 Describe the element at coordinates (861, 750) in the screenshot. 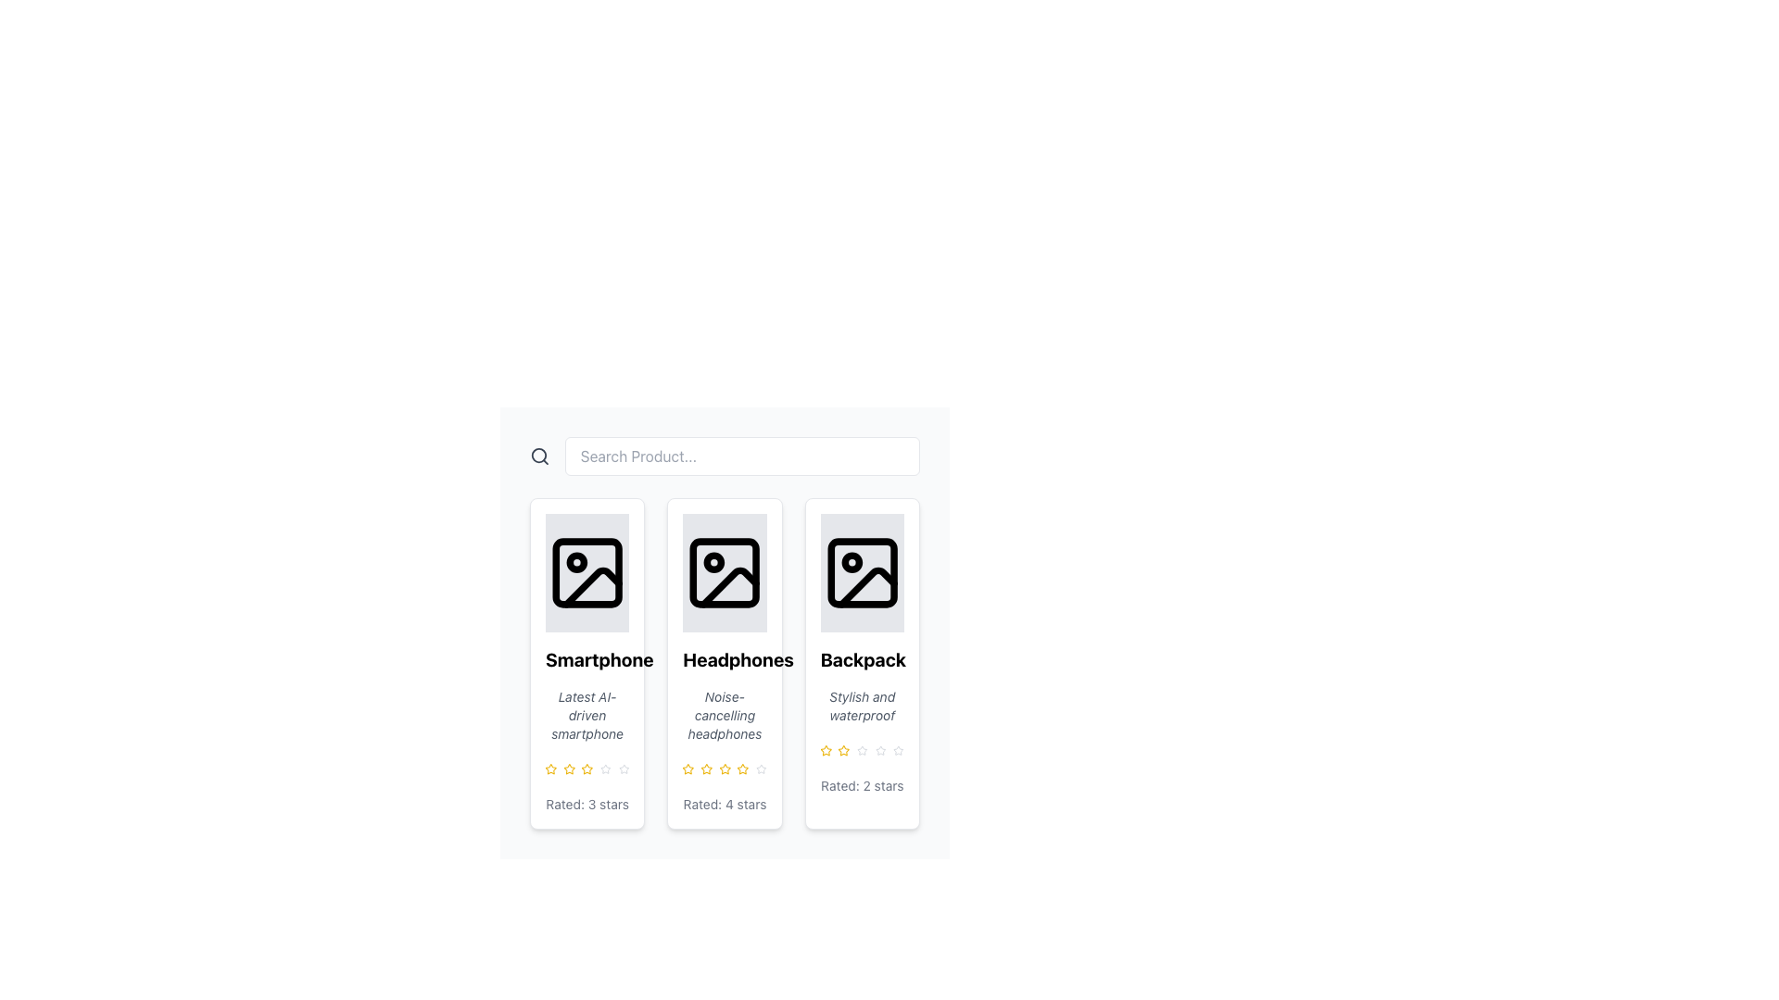

I see `the third star in the rating section of the product 'Backpack Stylish and waterproof'` at that location.